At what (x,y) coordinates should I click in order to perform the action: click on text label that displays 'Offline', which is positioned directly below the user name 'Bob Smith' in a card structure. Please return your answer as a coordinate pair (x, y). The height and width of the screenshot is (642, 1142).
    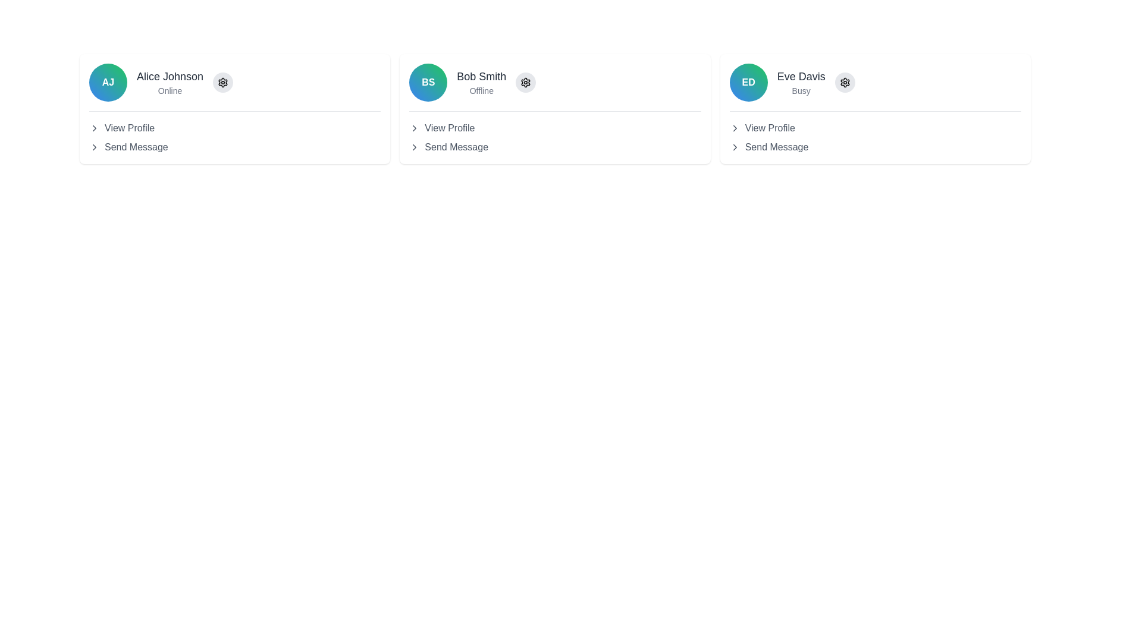
    Looking at the image, I should click on (481, 90).